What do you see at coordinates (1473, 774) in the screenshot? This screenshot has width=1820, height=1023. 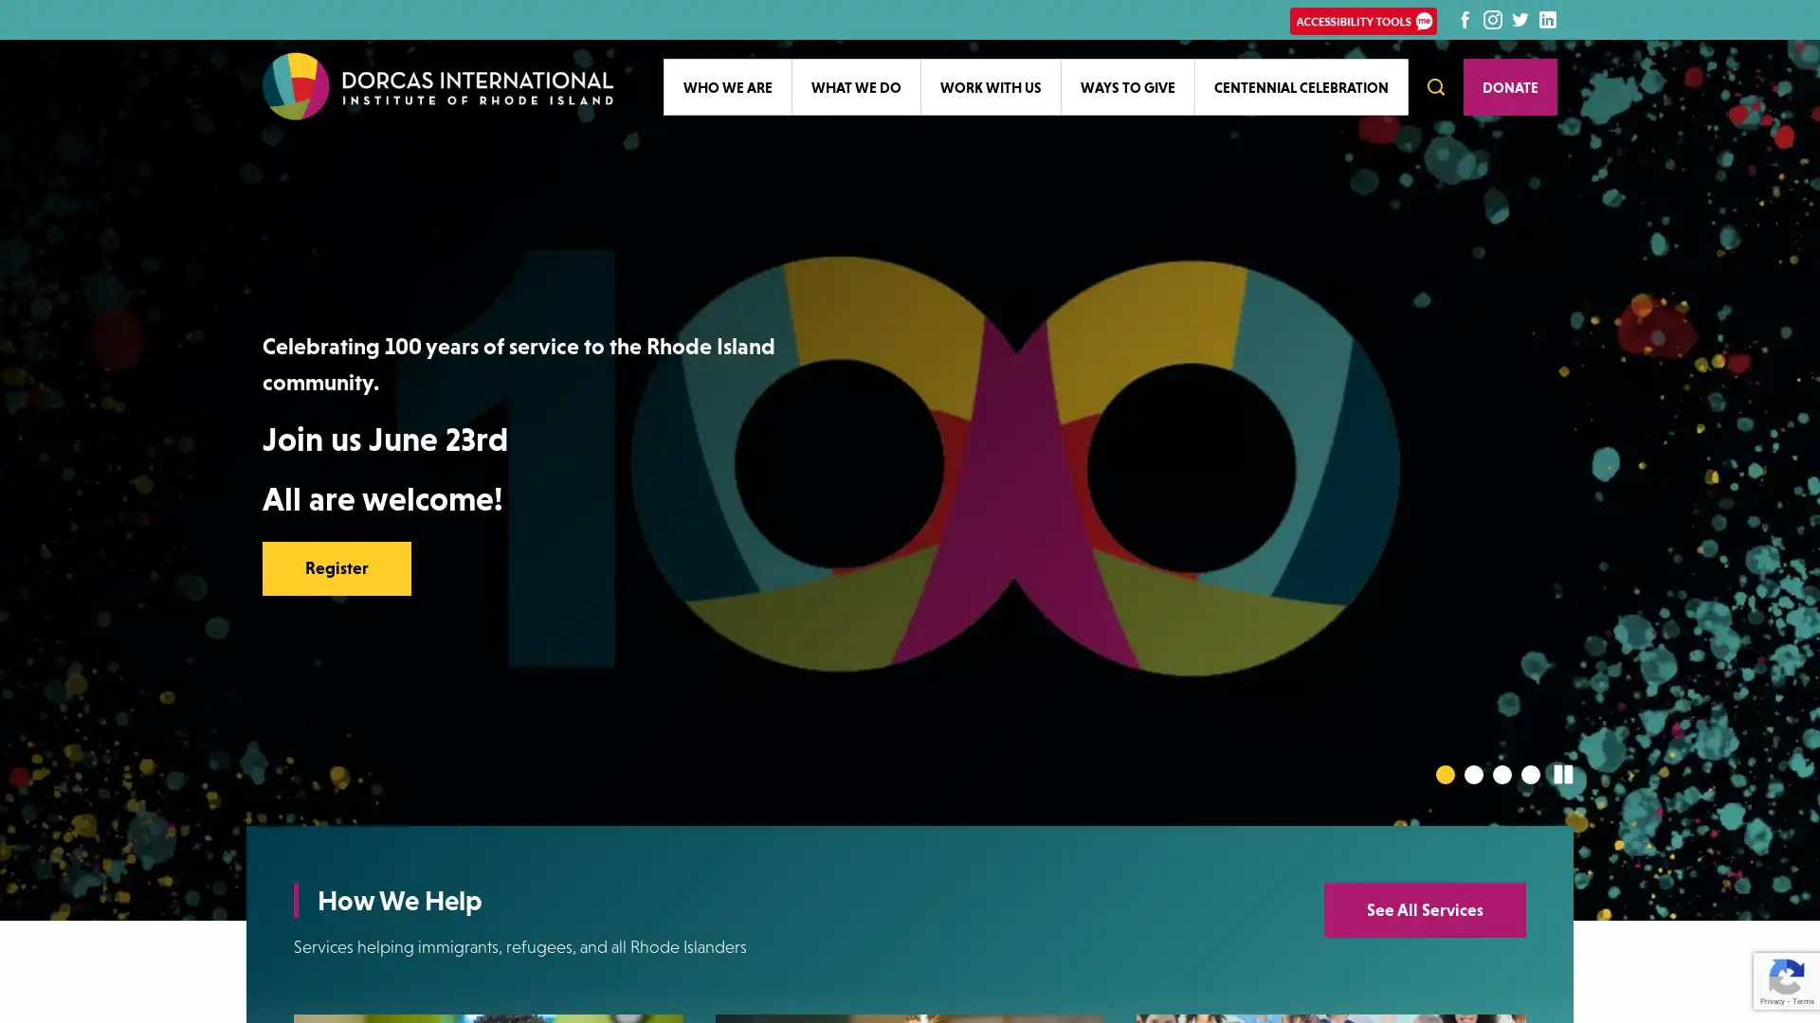 I see `Go to slide 2` at bounding box center [1473, 774].